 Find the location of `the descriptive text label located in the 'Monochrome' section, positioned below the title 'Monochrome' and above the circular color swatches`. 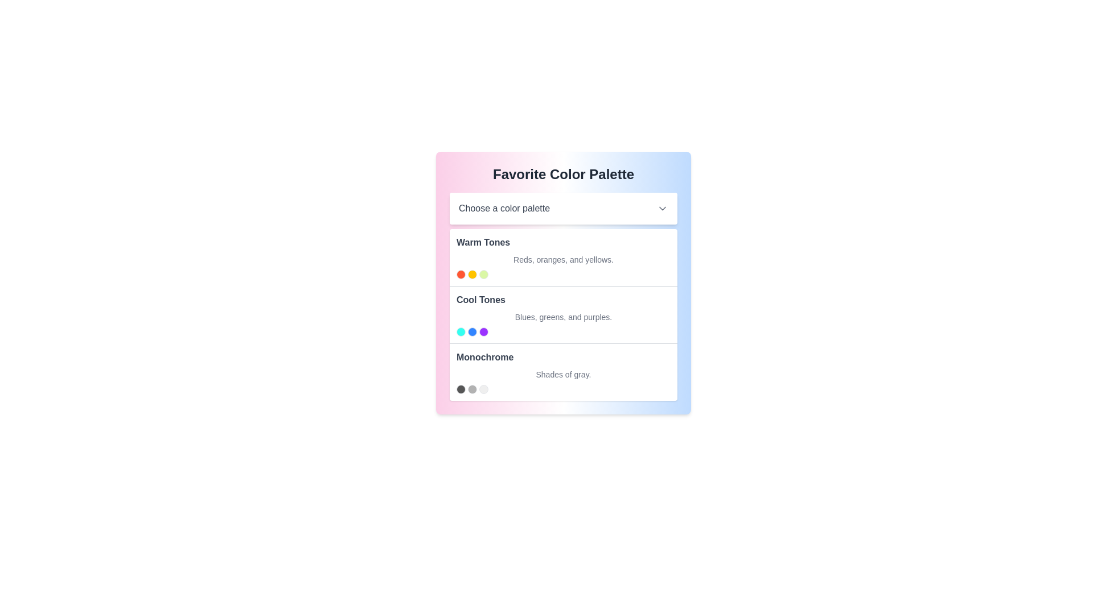

the descriptive text label located in the 'Monochrome' section, positioned below the title 'Monochrome' and above the circular color swatches is located at coordinates (563, 375).